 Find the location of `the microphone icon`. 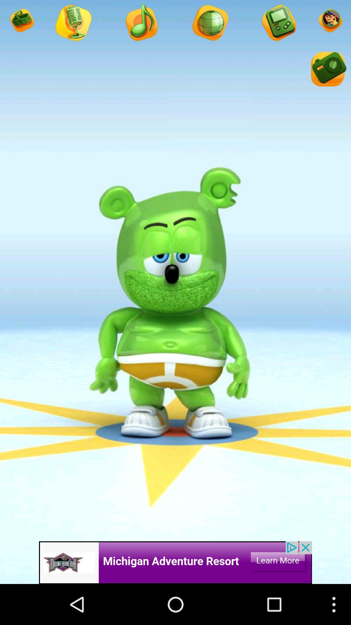

the microphone icon is located at coordinates (210, 25).